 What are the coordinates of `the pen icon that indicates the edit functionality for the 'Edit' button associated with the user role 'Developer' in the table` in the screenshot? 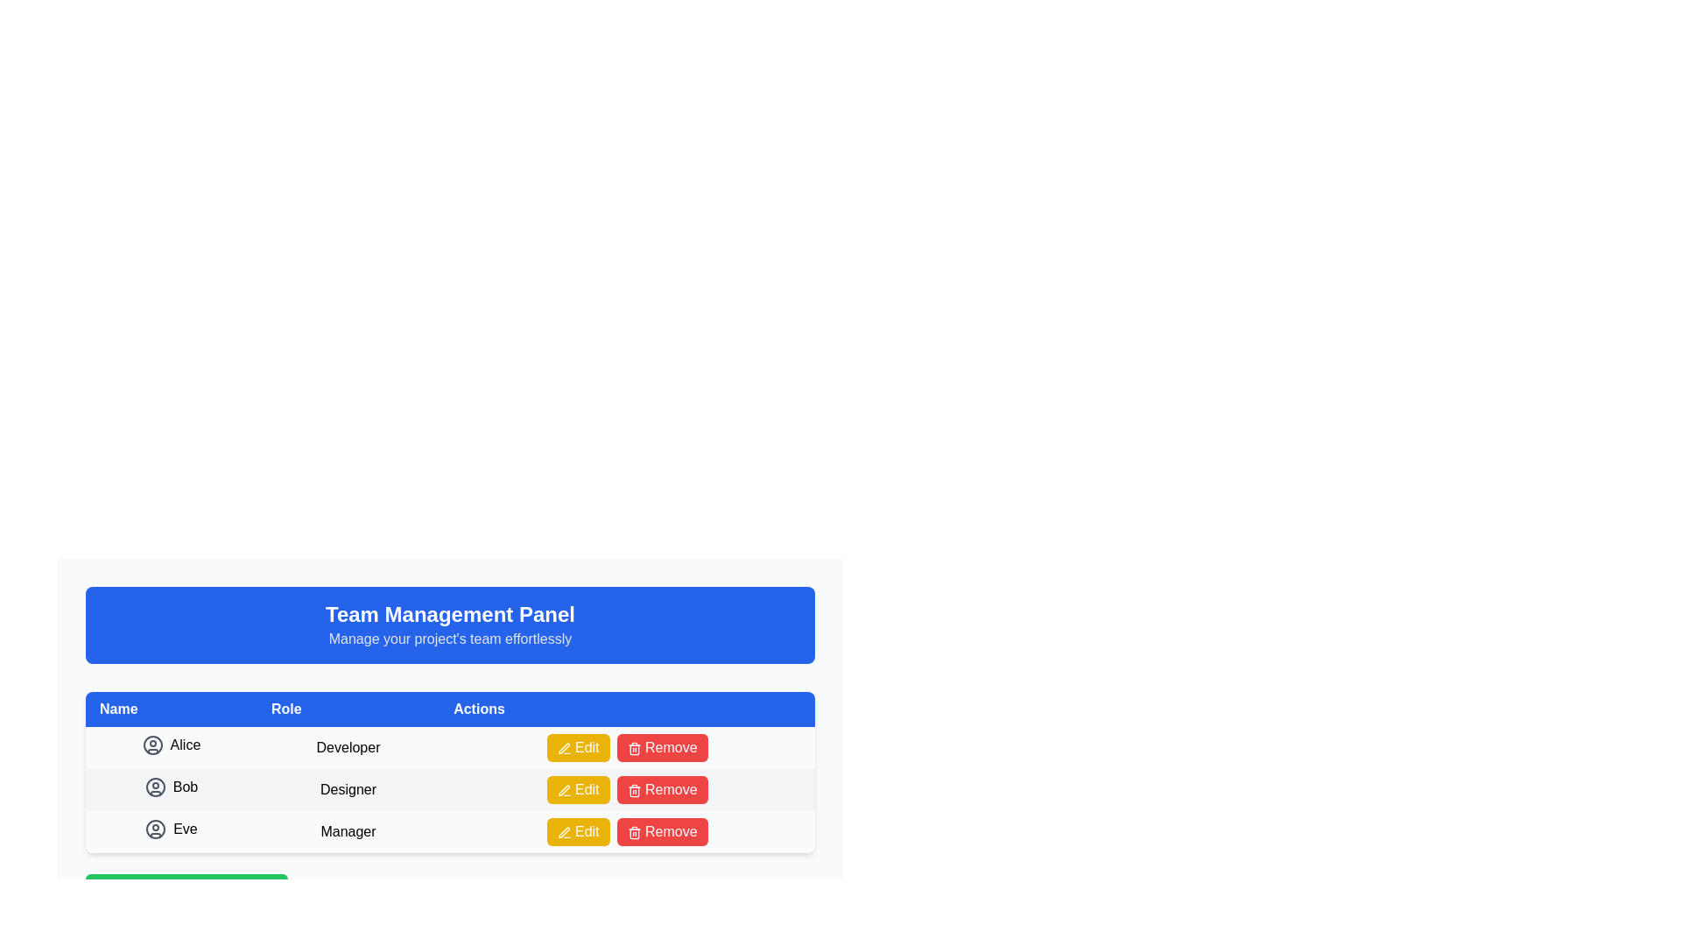 It's located at (564, 748).